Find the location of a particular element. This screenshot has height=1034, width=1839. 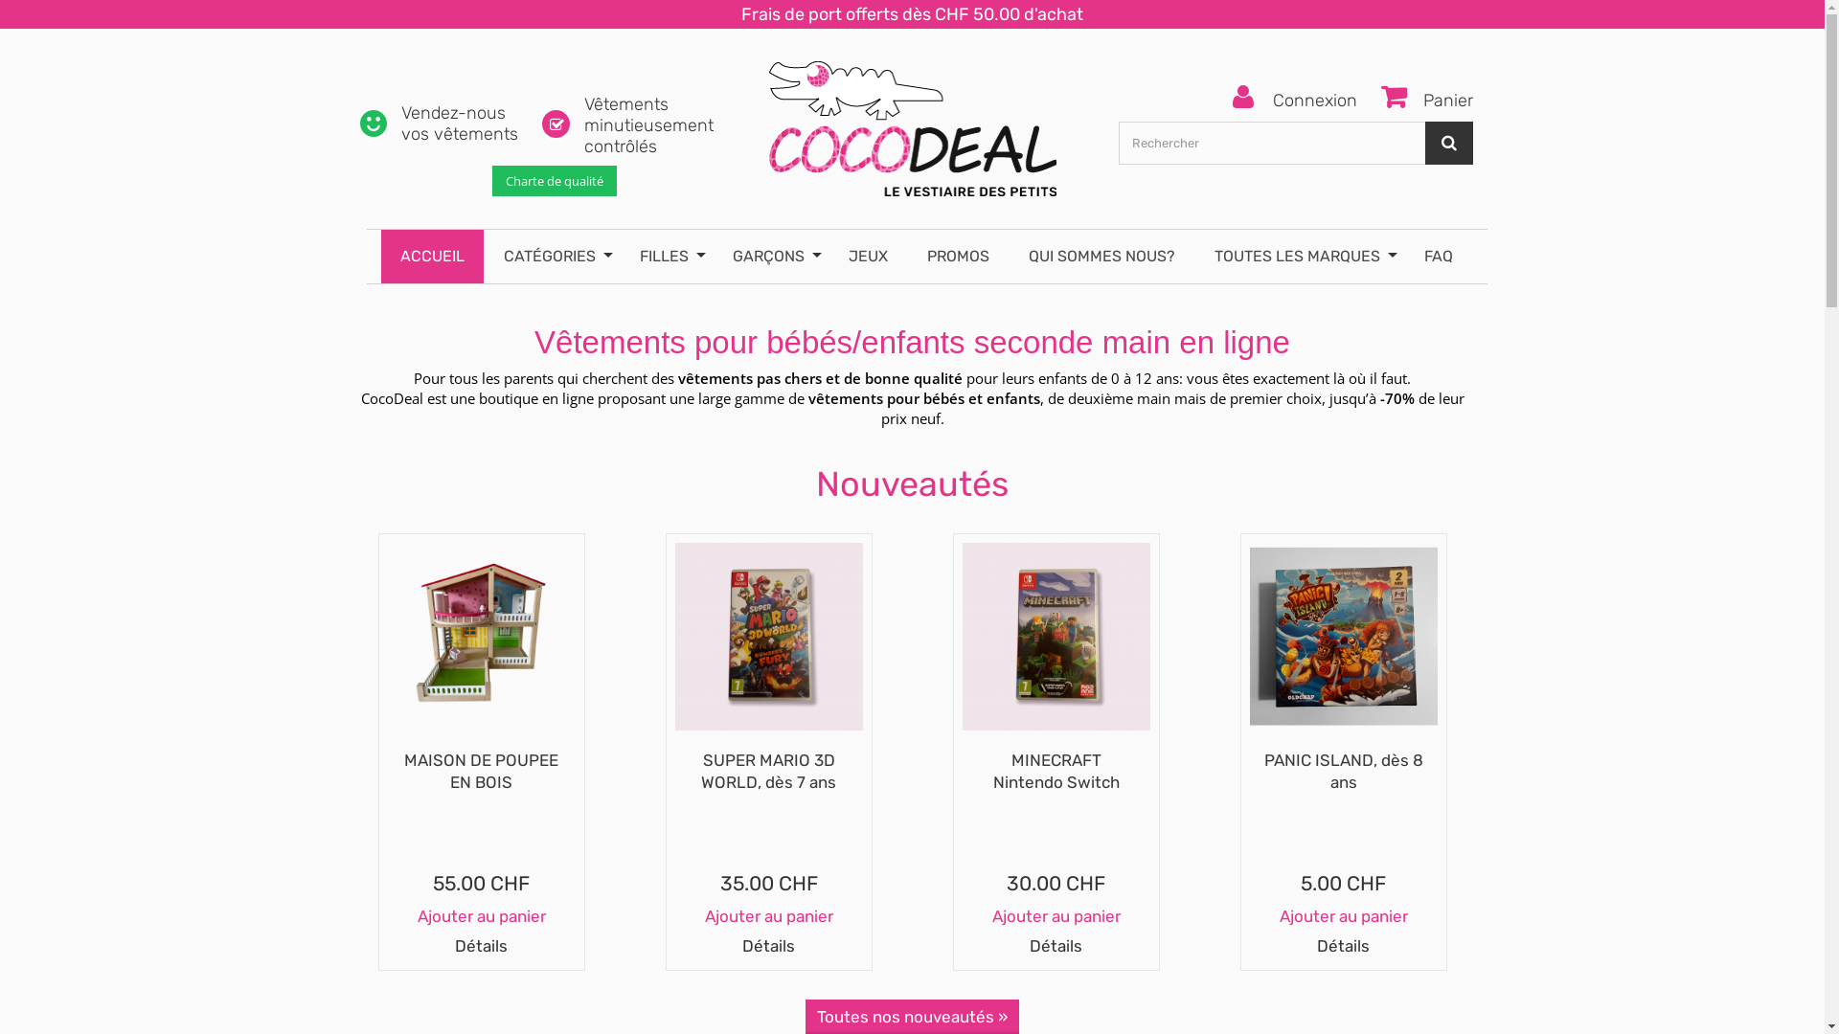

'FILLES' is located at coordinates (621, 255).